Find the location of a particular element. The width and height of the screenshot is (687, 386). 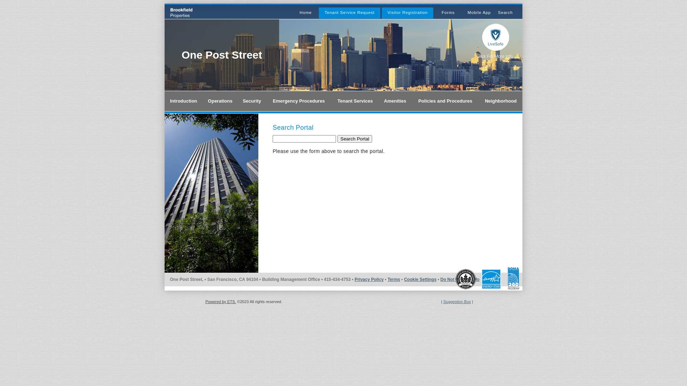

'Cookie Settings' is located at coordinates (420, 279).